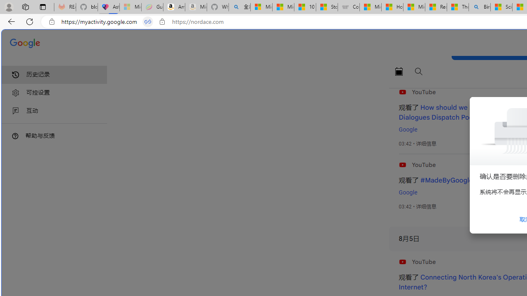 The image size is (527, 296). Describe the element at coordinates (326, 7) in the screenshot. I see `'Stocks - MSN'` at that location.